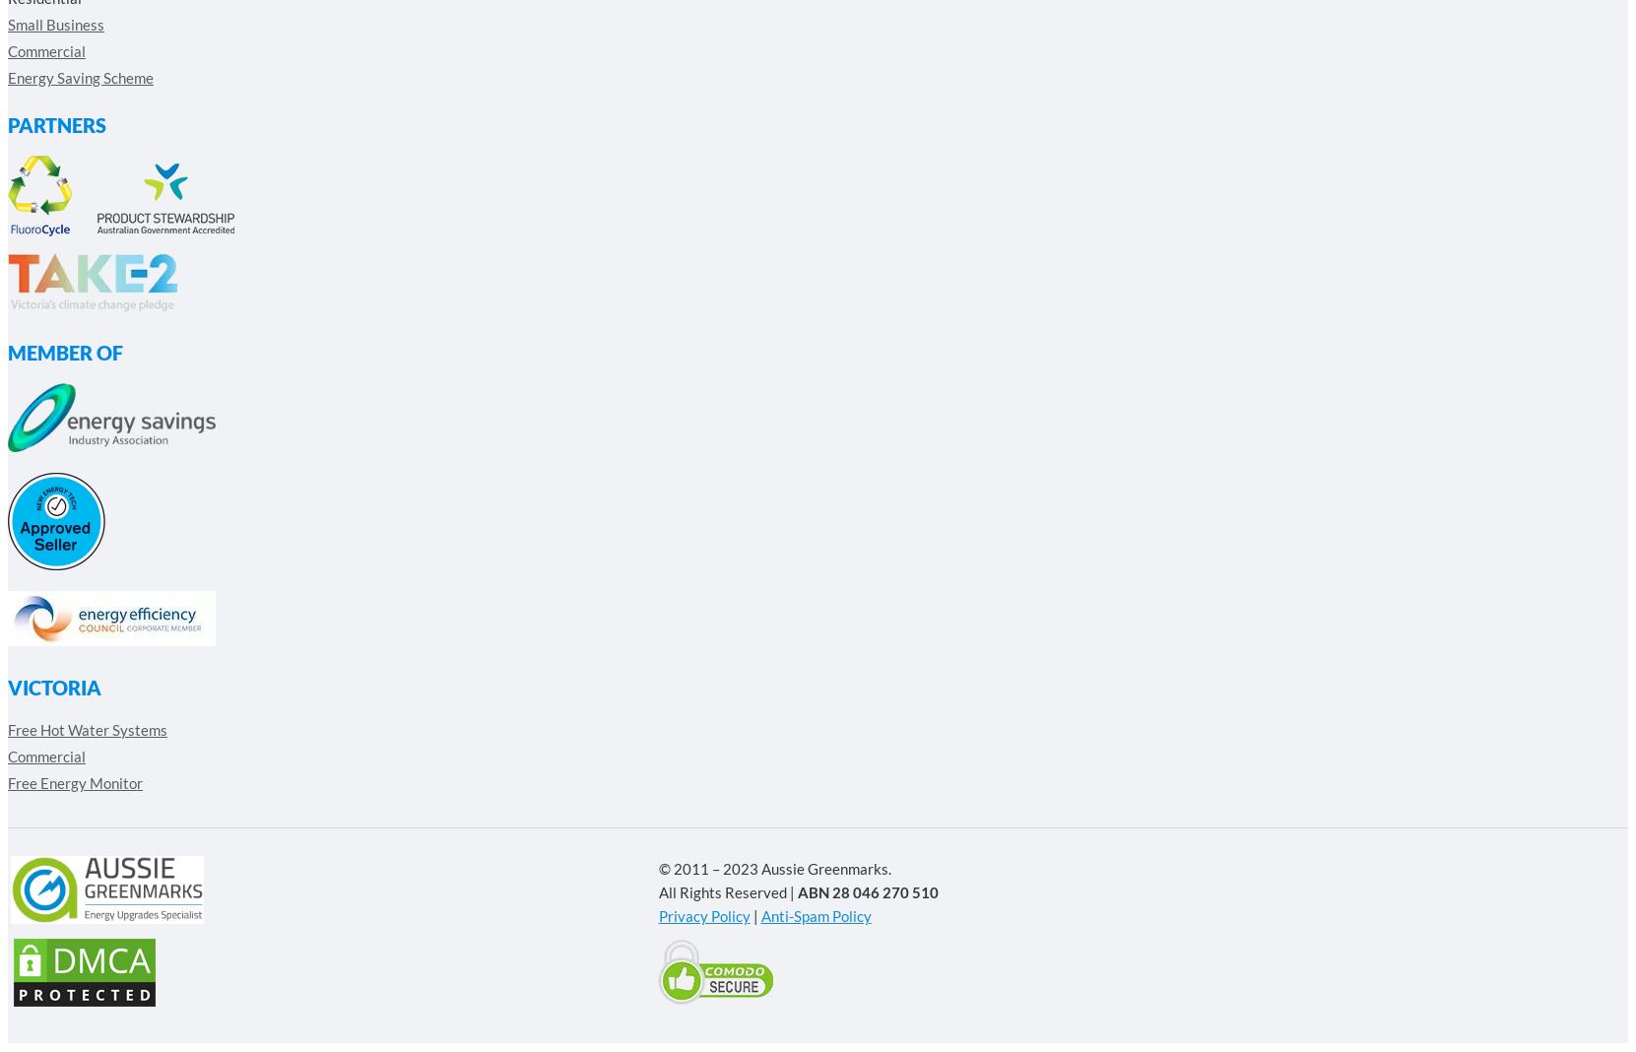 The image size is (1636, 1052). I want to click on 'All Rights Reserved |', so click(725, 890).